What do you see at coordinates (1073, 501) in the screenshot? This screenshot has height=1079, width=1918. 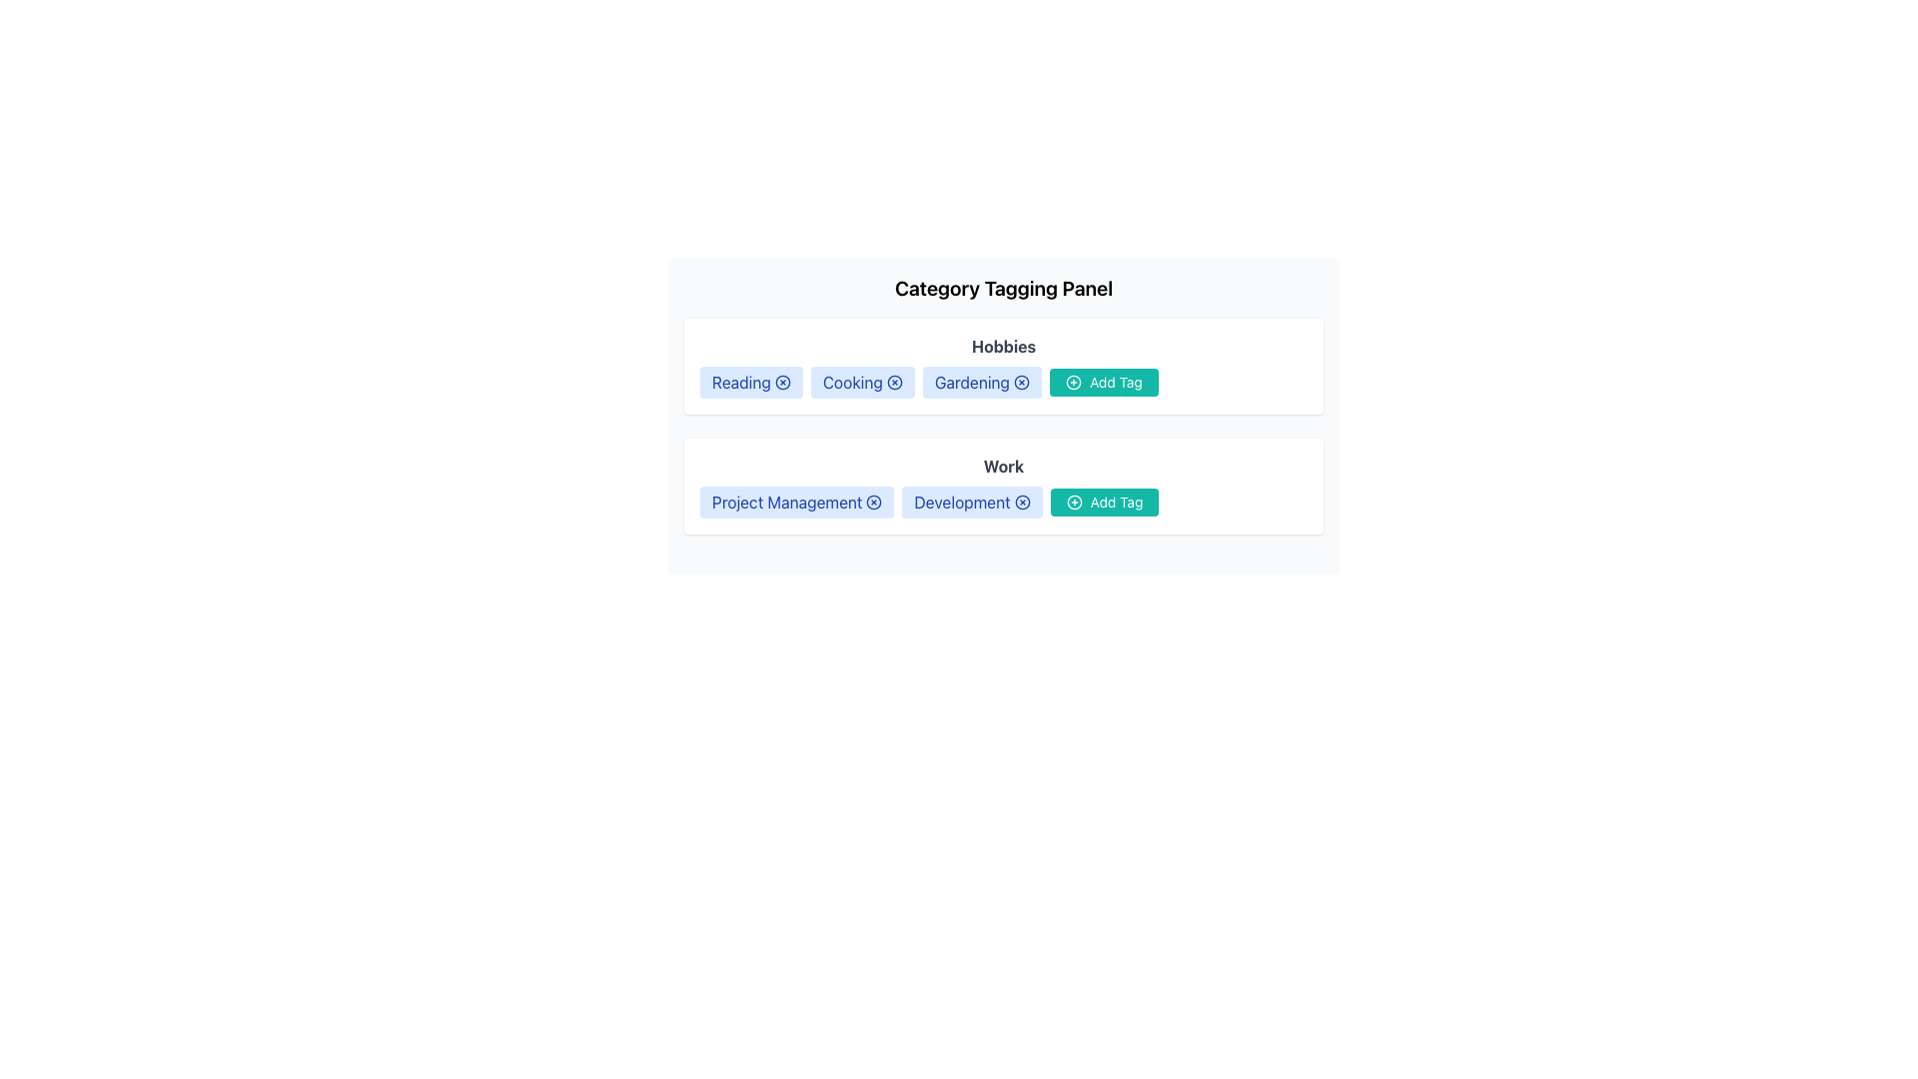 I see `the circular icon with a '+' symbol inside the 'Add Tag' button in the 'Work' category` at bounding box center [1073, 501].